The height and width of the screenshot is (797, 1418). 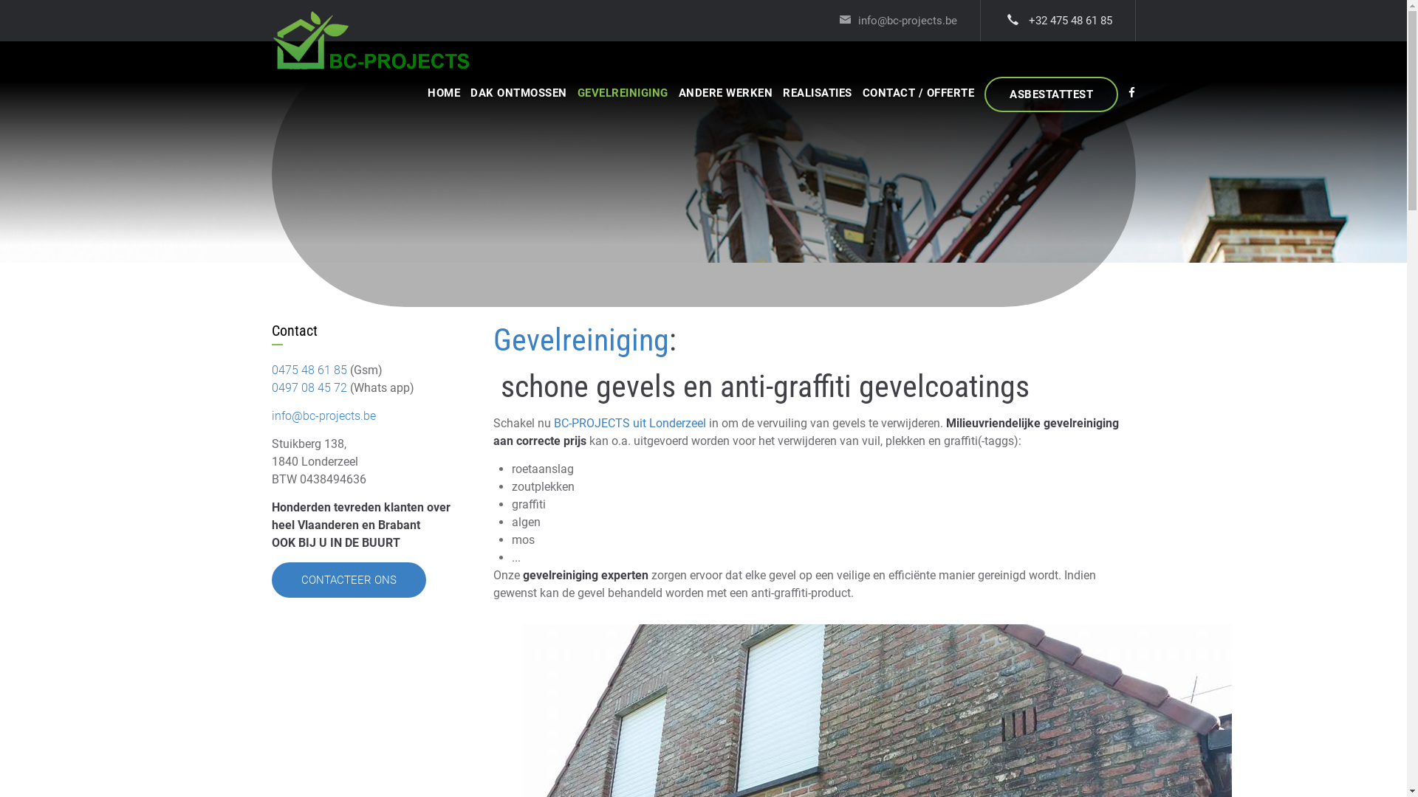 I want to click on 'Gevelreiniging', so click(x=580, y=339).